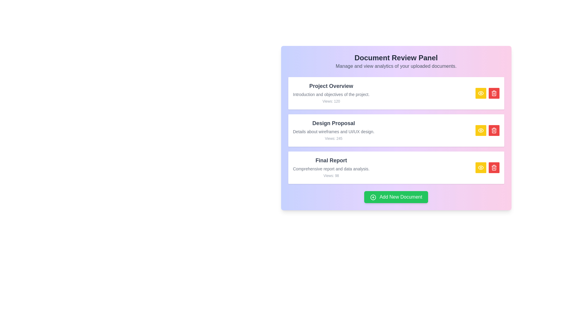  I want to click on view button for the document titled 'Final Report', so click(481, 168).